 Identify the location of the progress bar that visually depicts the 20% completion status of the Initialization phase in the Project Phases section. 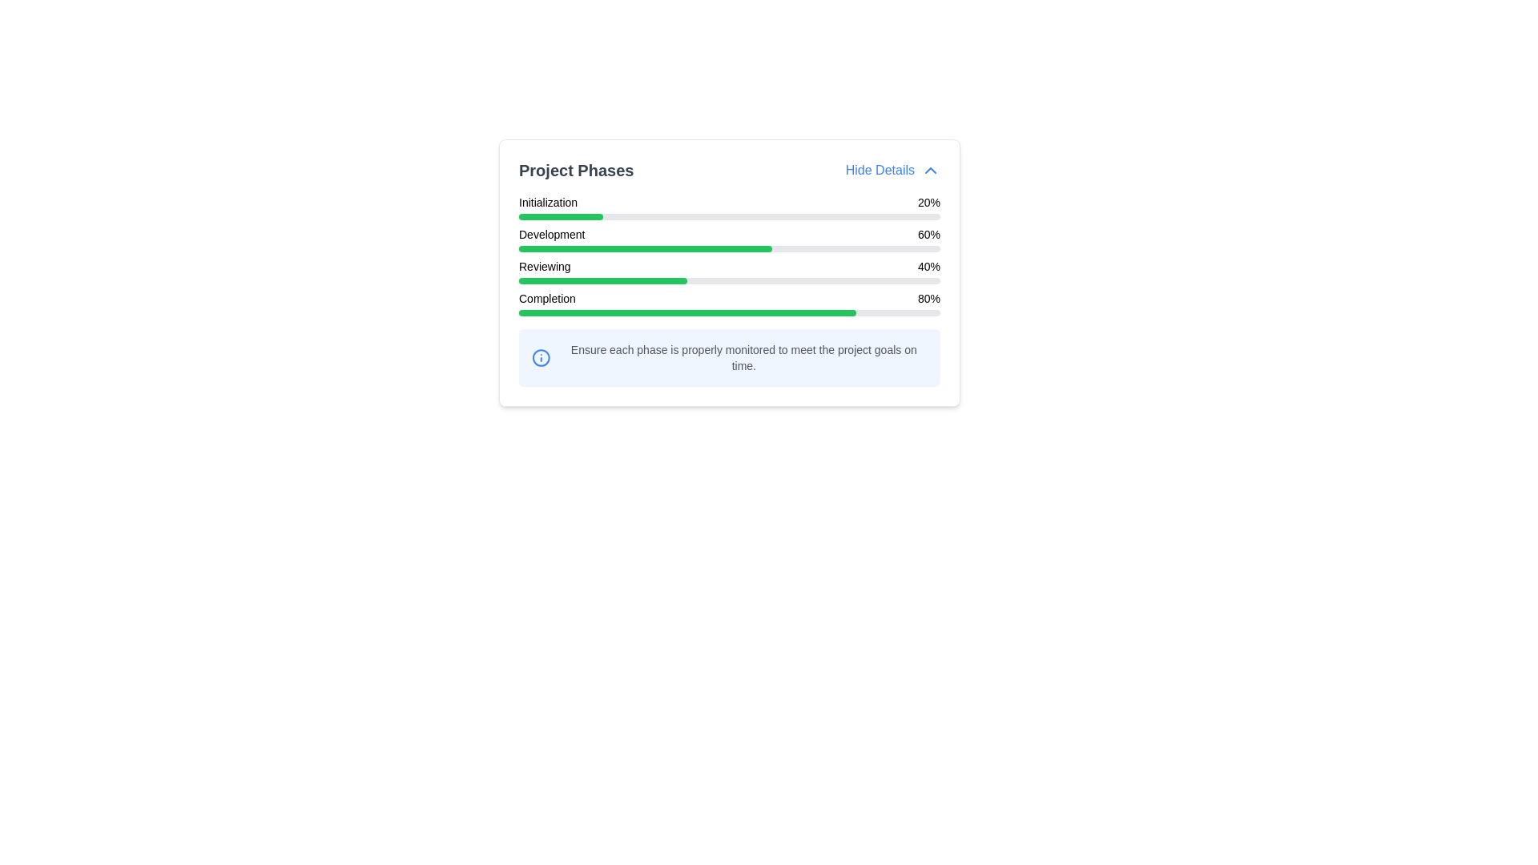
(561, 216).